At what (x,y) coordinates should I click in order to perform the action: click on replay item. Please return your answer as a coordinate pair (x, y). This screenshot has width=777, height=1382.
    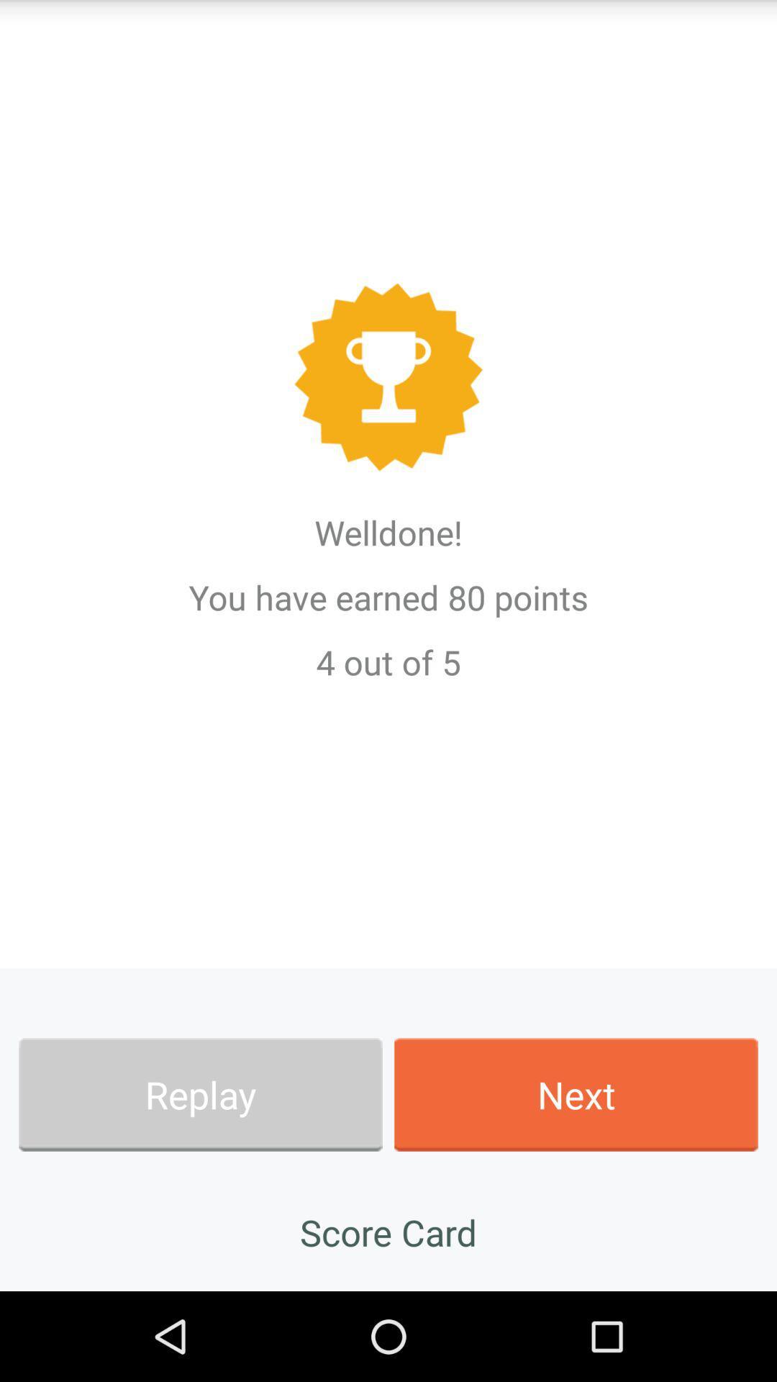
    Looking at the image, I should click on (200, 1094).